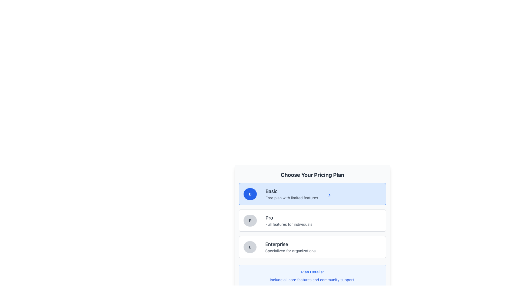 This screenshot has width=519, height=292. Describe the element at coordinates (312, 247) in the screenshot. I see `the 'Enterprise' plan selection button, which is the third option in the vertically stacked list under 'Choose Your Pricing Plan'` at that location.